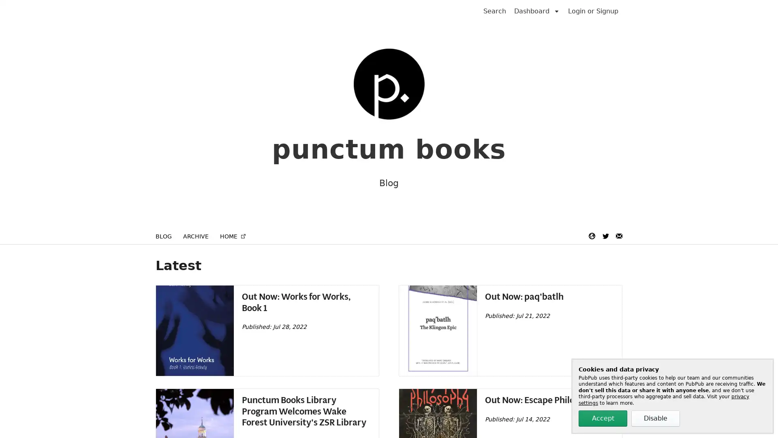 The width and height of the screenshot is (778, 438). I want to click on Login or Signup, so click(593, 11).